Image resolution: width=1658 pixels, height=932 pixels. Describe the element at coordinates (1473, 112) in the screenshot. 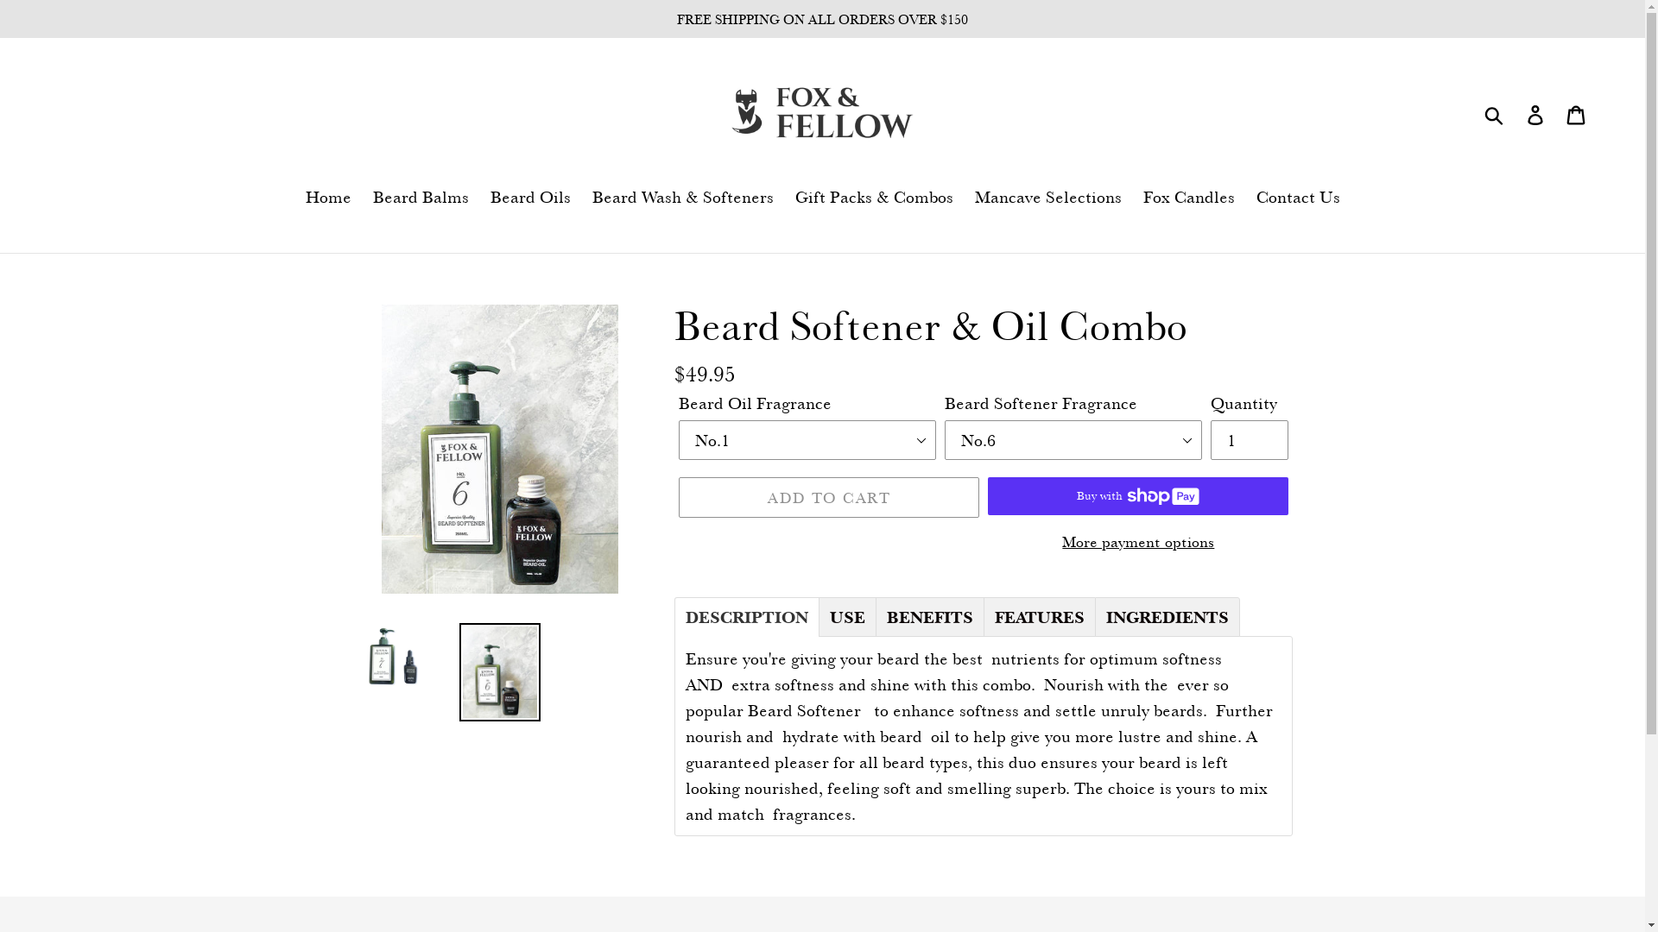

I see `'Submit'` at that location.